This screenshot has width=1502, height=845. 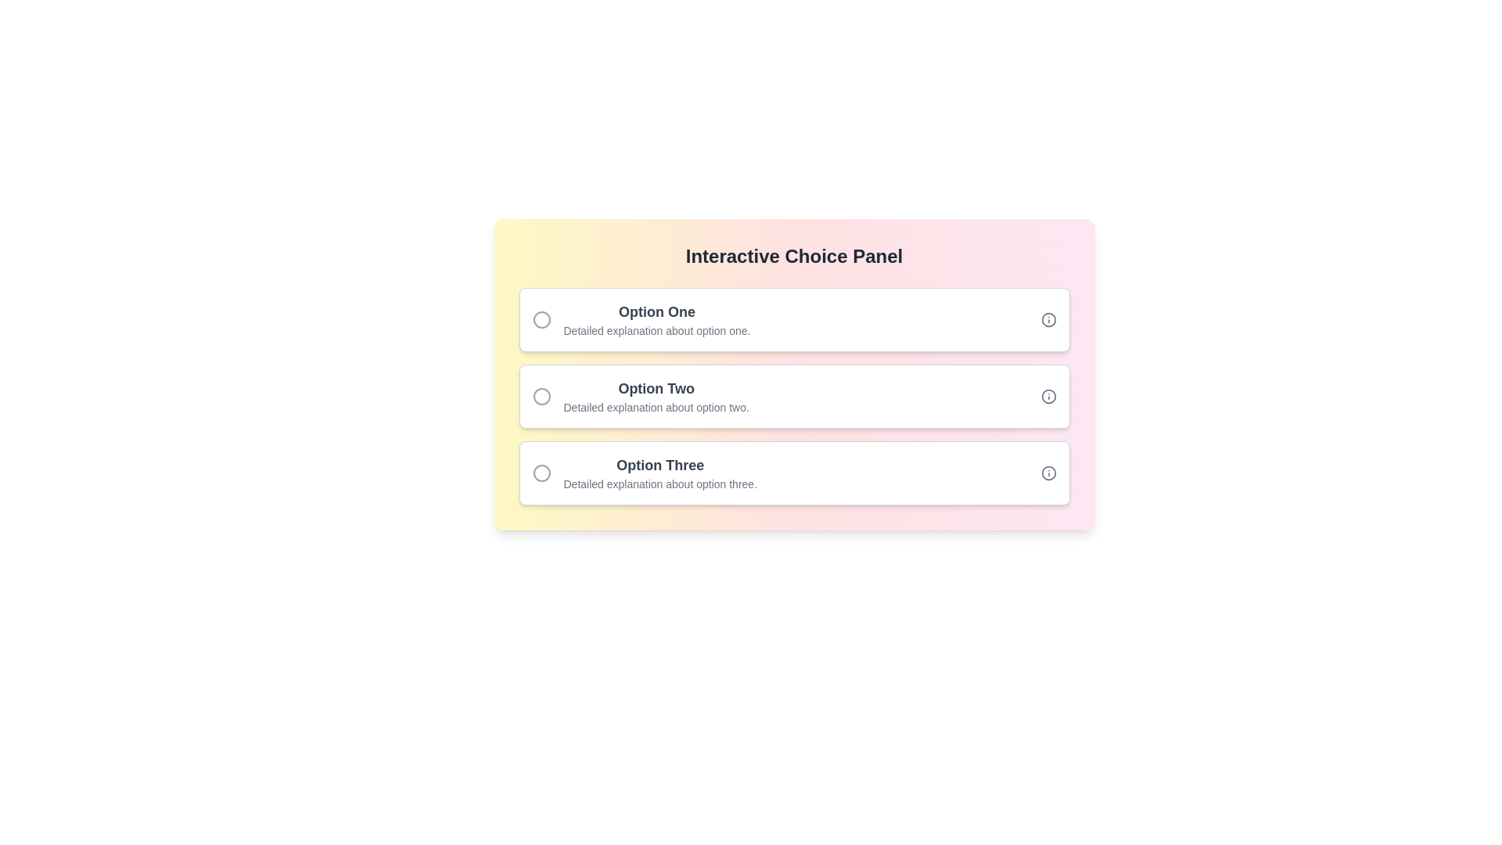 I want to click on title text located in the topmost card of the survey options, which is positioned directly above the supporting text 'Detailed explanation about option one.', so click(x=657, y=311).